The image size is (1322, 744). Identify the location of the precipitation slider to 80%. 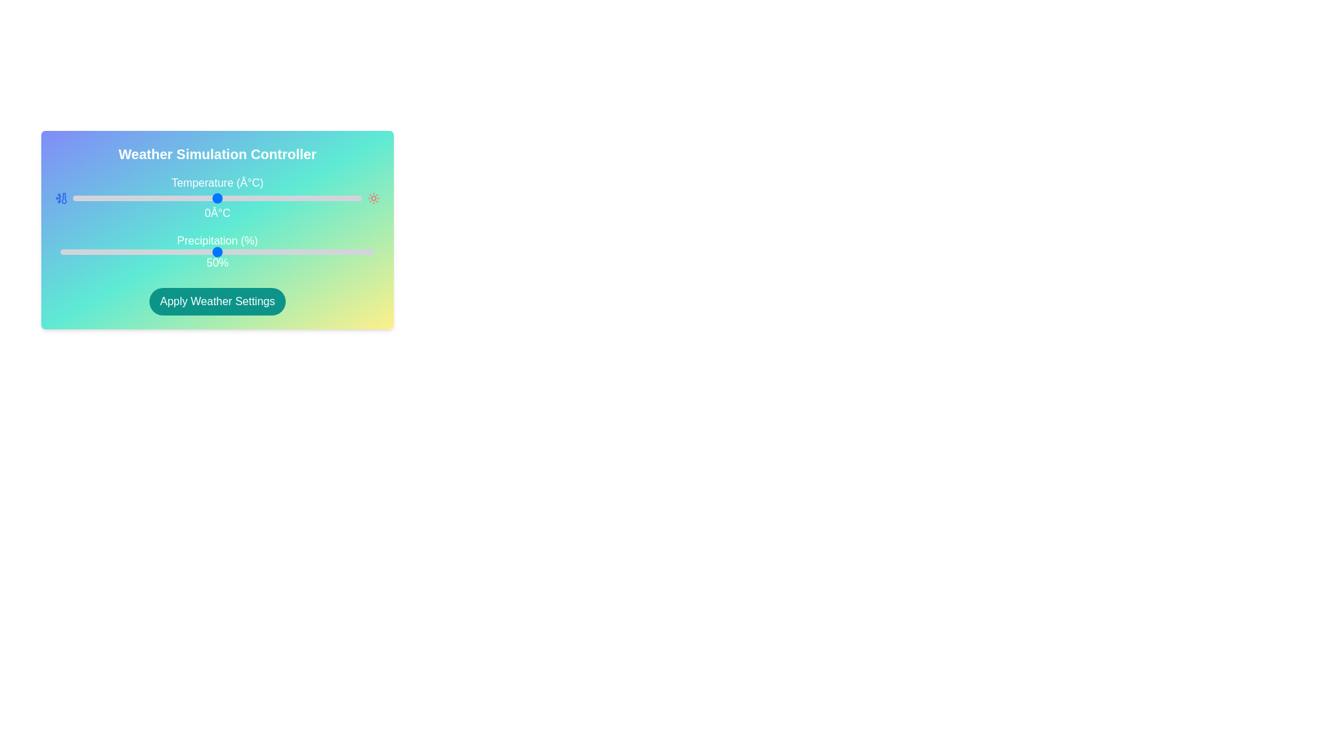
(311, 252).